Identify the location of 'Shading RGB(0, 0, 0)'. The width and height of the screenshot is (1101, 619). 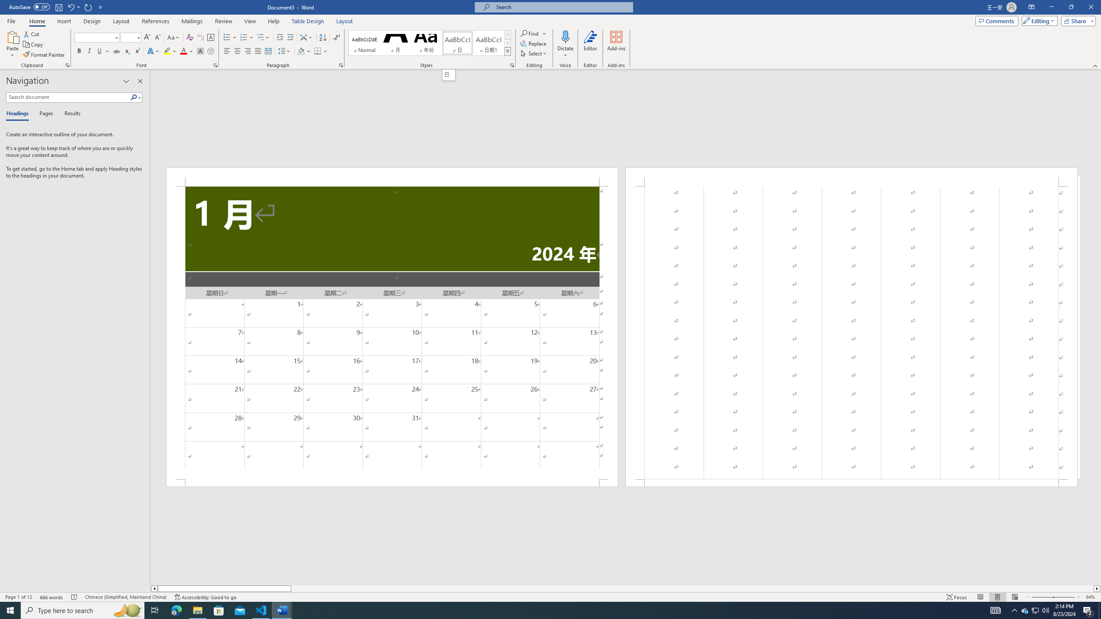
(301, 51).